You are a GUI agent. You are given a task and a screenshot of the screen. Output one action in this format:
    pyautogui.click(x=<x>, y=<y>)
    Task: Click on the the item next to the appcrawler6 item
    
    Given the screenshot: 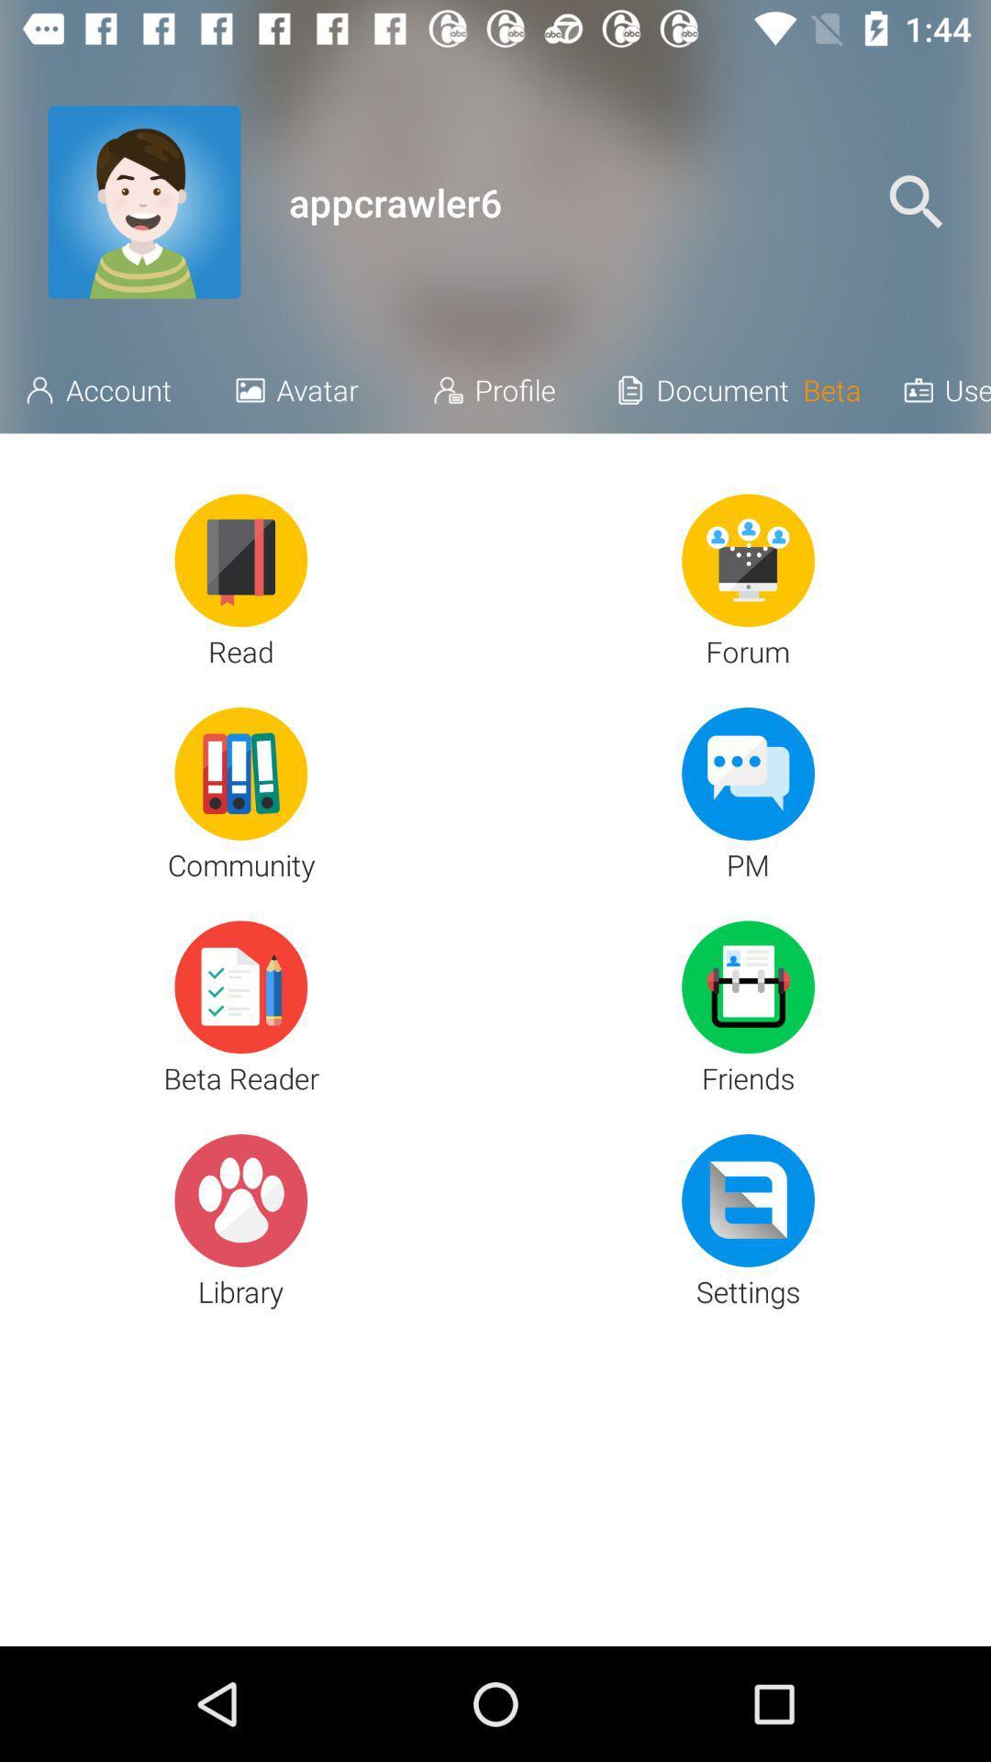 What is the action you would take?
    pyautogui.click(x=916, y=202)
    